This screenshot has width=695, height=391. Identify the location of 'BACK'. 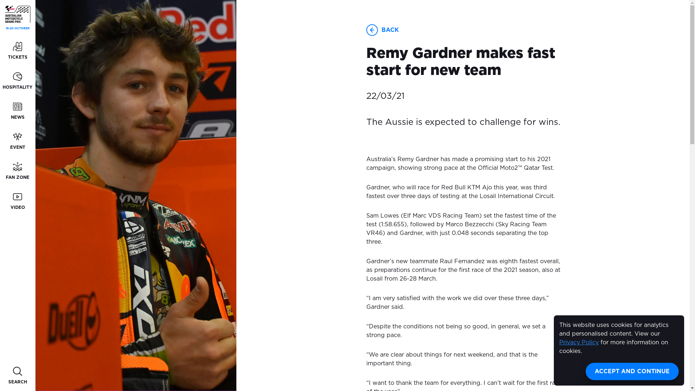
(389, 30).